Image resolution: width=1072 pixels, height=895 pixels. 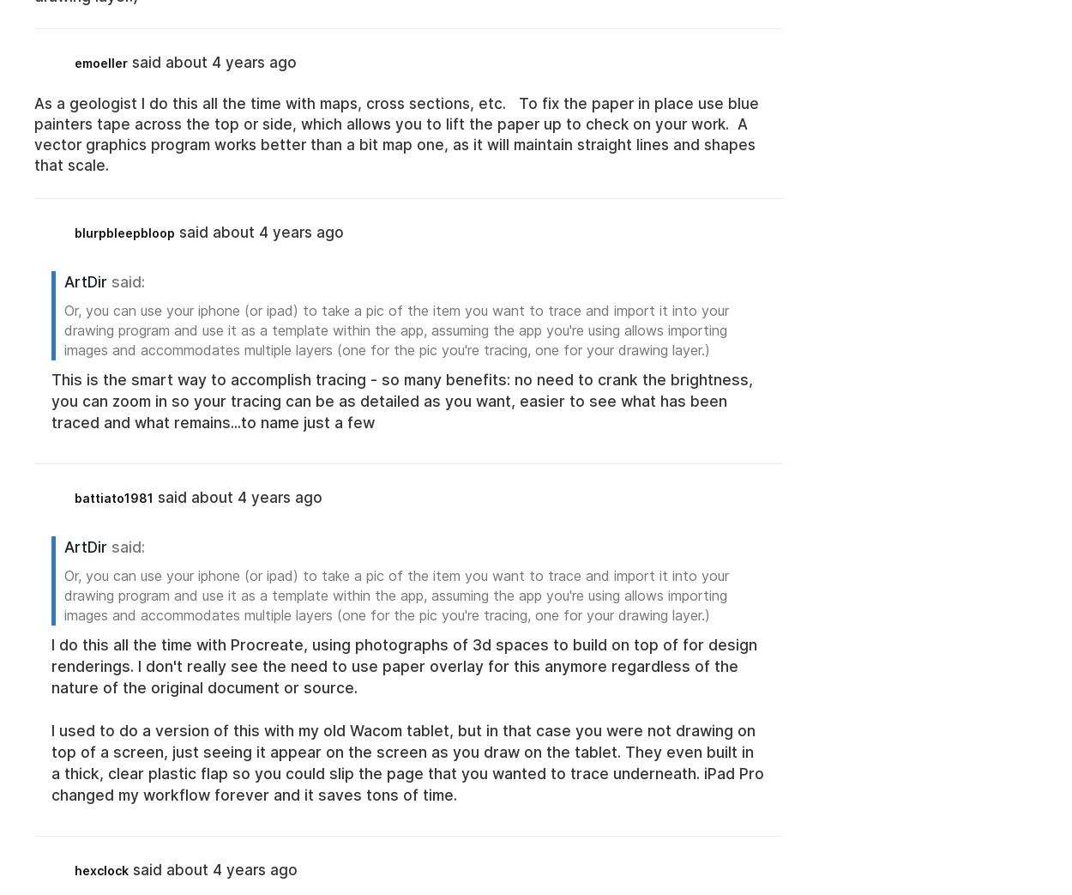 What do you see at coordinates (51, 762) in the screenshot?
I see `'I used to do a version of this with my old Wacom tablet, but in that case you were not drawing on top of a screen, just seeing it appear on the screen as you draw on the tablet. They even built in a thick, clear plastic flap so you could slip the page that you wanted to trace underneath. iPad Pro changed my workflow forever and it saves tons of time.'` at bounding box center [51, 762].